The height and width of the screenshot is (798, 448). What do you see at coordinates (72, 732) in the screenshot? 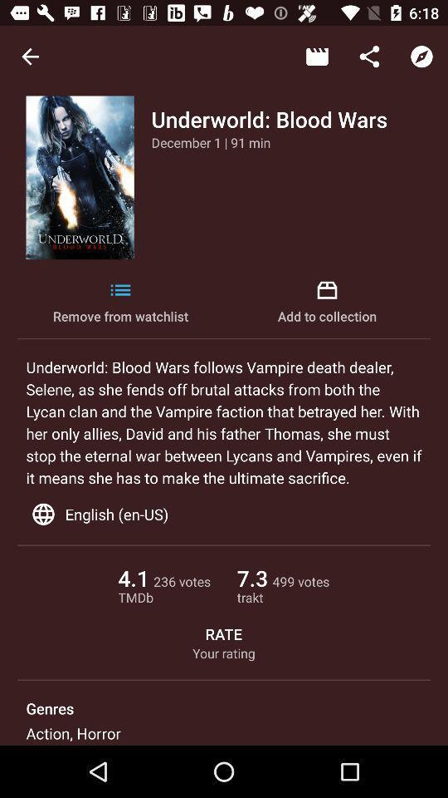
I see `the action, horror icon` at bounding box center [72, 732].